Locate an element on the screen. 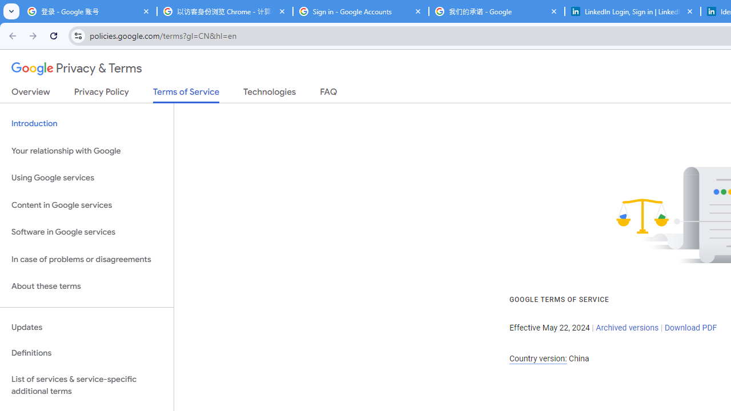 The image size is (731, 411). 'Download PDF' is located at coordinates (690, 328).